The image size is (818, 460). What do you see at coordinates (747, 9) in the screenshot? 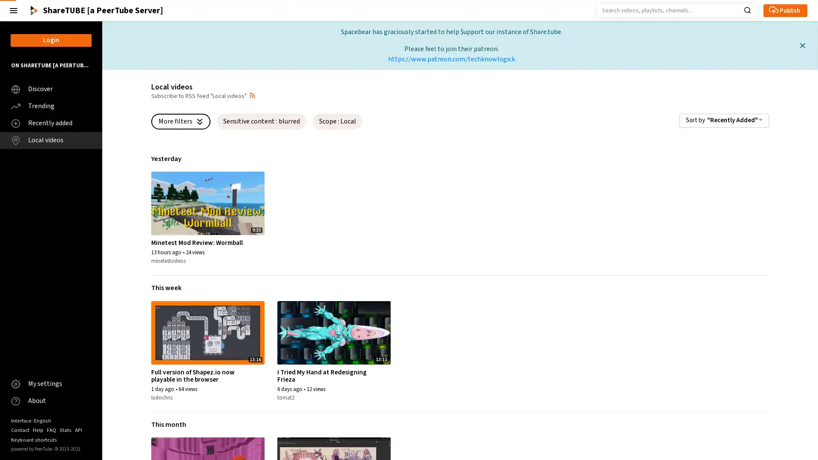
I see `Search` at bounding box center [747, 9].